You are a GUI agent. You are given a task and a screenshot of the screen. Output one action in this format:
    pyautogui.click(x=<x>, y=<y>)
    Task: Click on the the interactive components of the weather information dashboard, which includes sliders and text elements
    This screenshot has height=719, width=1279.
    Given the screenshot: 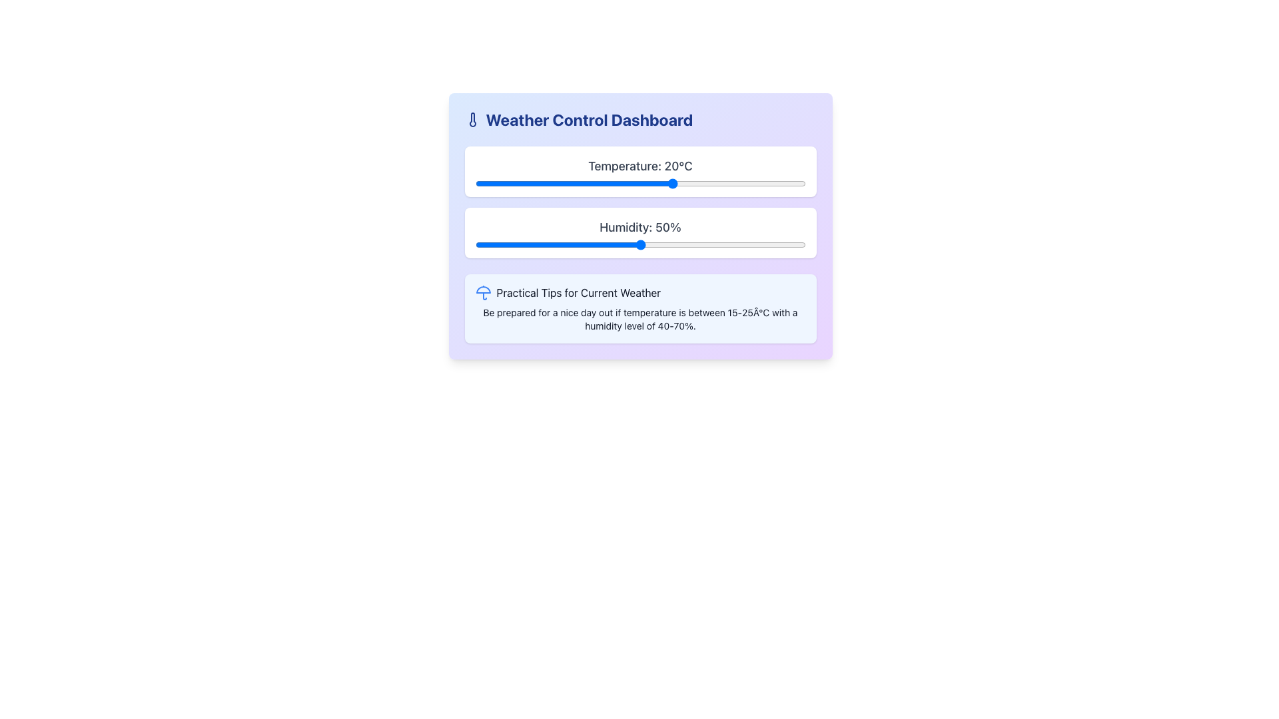 What is the action you would take?
    pyautogui.click(x=640, y=225)
    